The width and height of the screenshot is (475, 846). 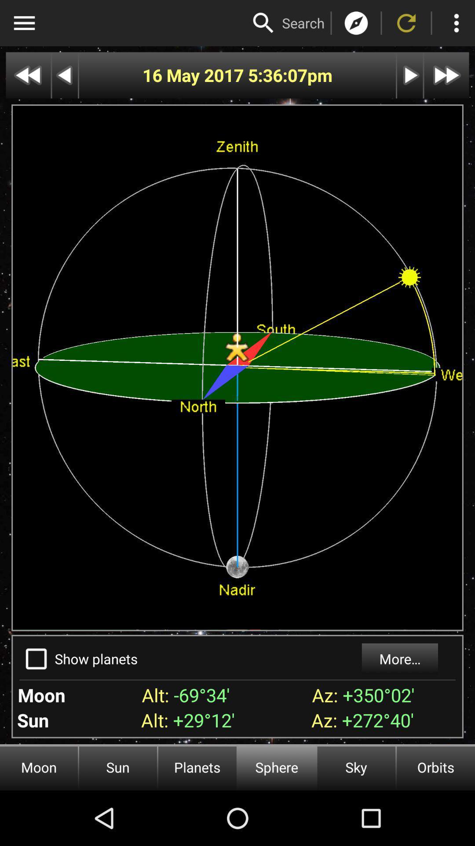 What do you see at coordinates (64, 75) in the screenshot?
I see `previous` at bounding box center [64, 75].